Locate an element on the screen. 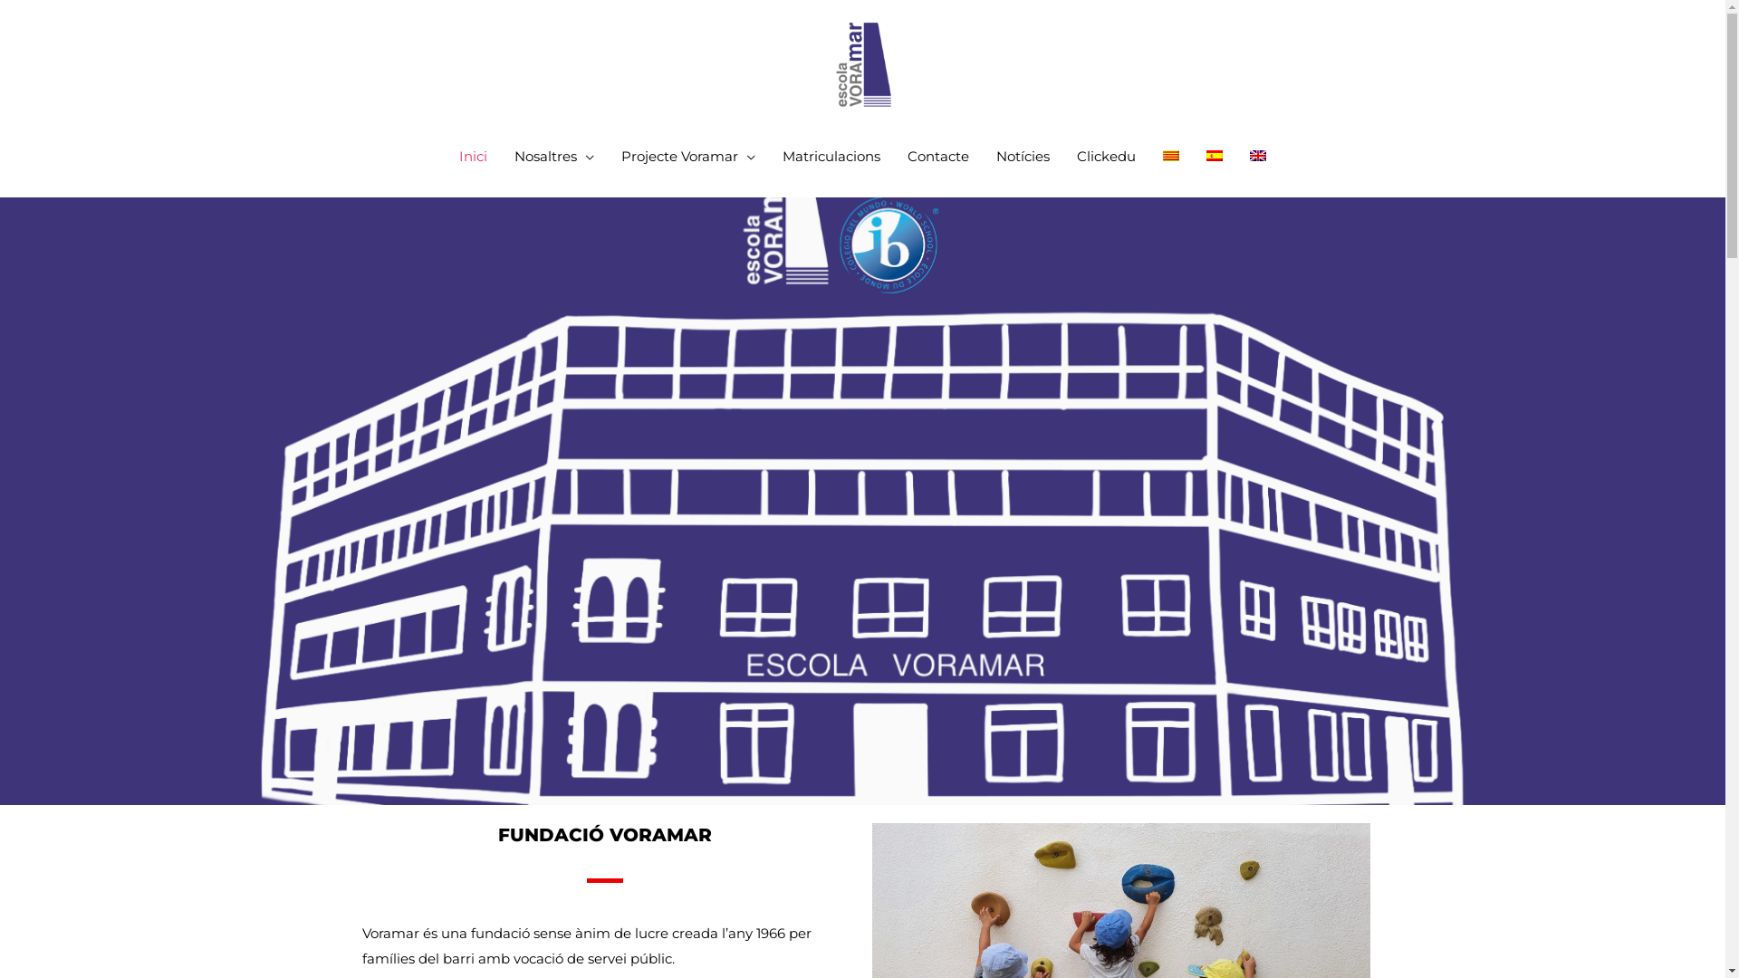  'Clickedu' is located at coordinates (1105, 156).